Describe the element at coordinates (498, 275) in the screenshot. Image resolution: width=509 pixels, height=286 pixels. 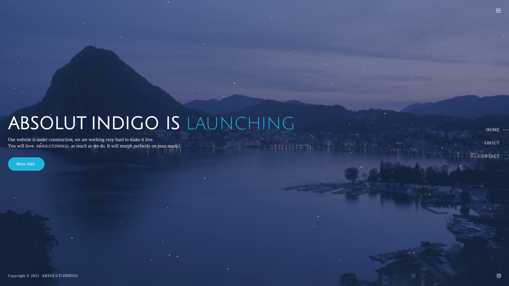
I see `'Instagram'` at that location.